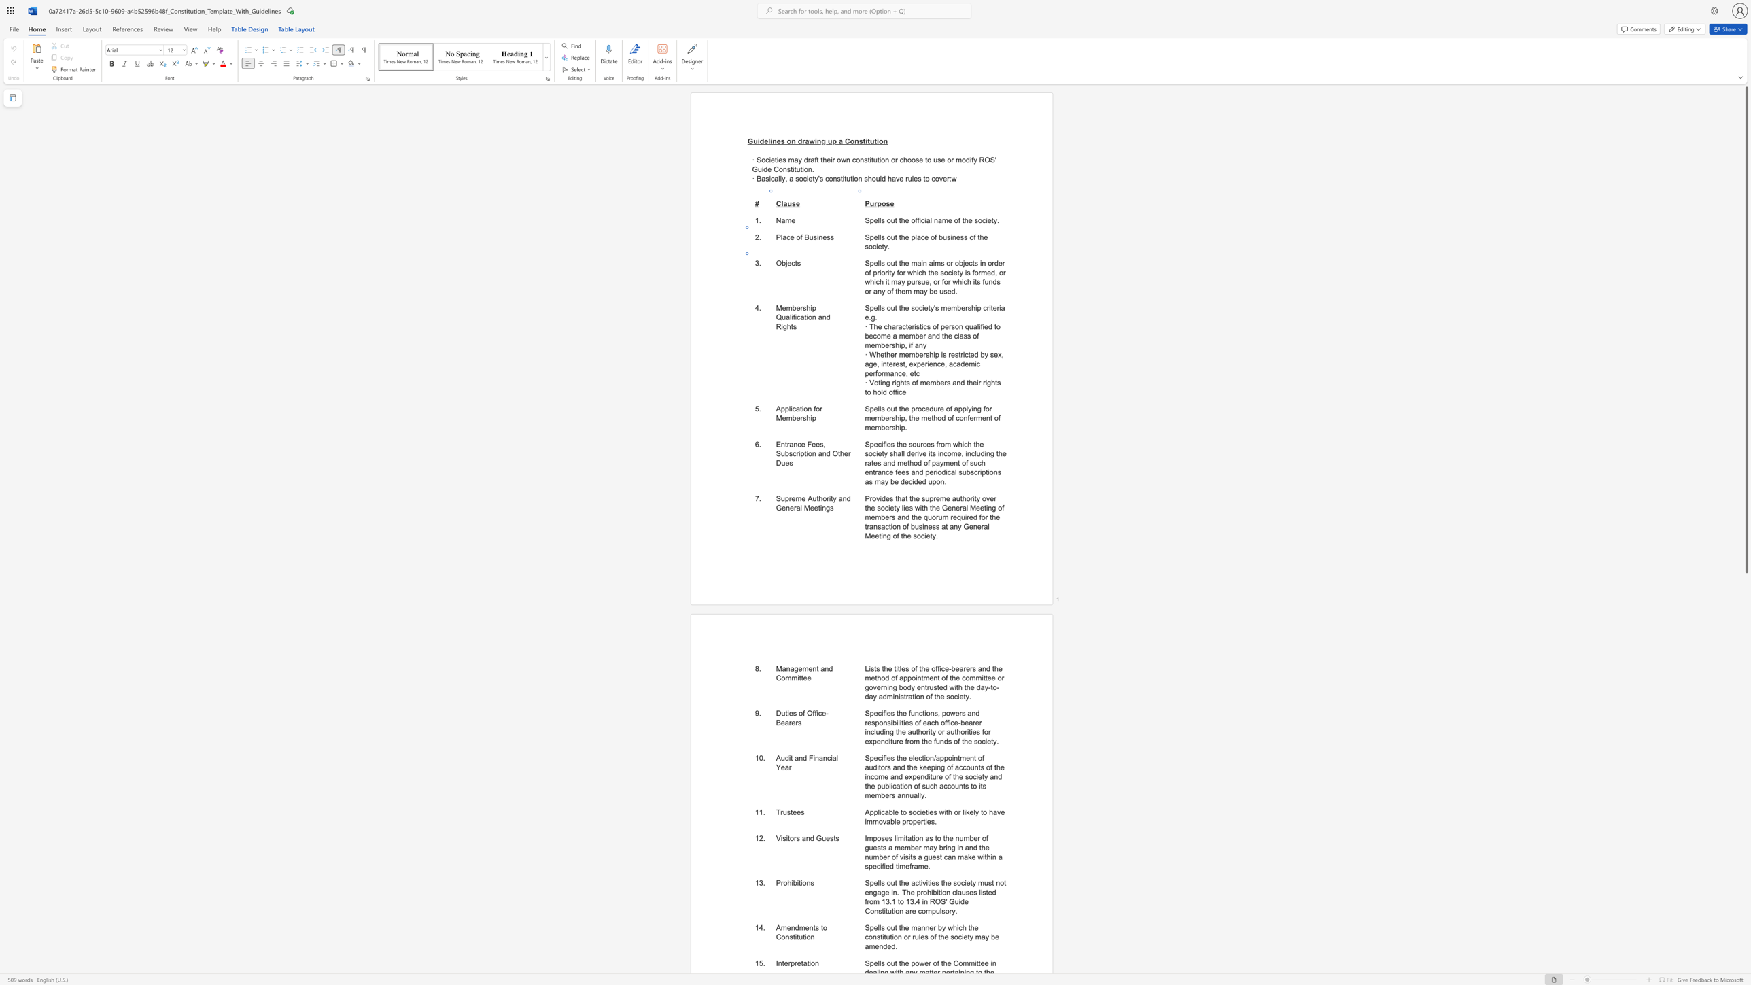 This screenshot has height=985, width=1751. What do you see at coordinates (811, 317) in the screenshot?
I see `the space between the continuous character "o" and "n" in the text` at bounding box center [811, 317].